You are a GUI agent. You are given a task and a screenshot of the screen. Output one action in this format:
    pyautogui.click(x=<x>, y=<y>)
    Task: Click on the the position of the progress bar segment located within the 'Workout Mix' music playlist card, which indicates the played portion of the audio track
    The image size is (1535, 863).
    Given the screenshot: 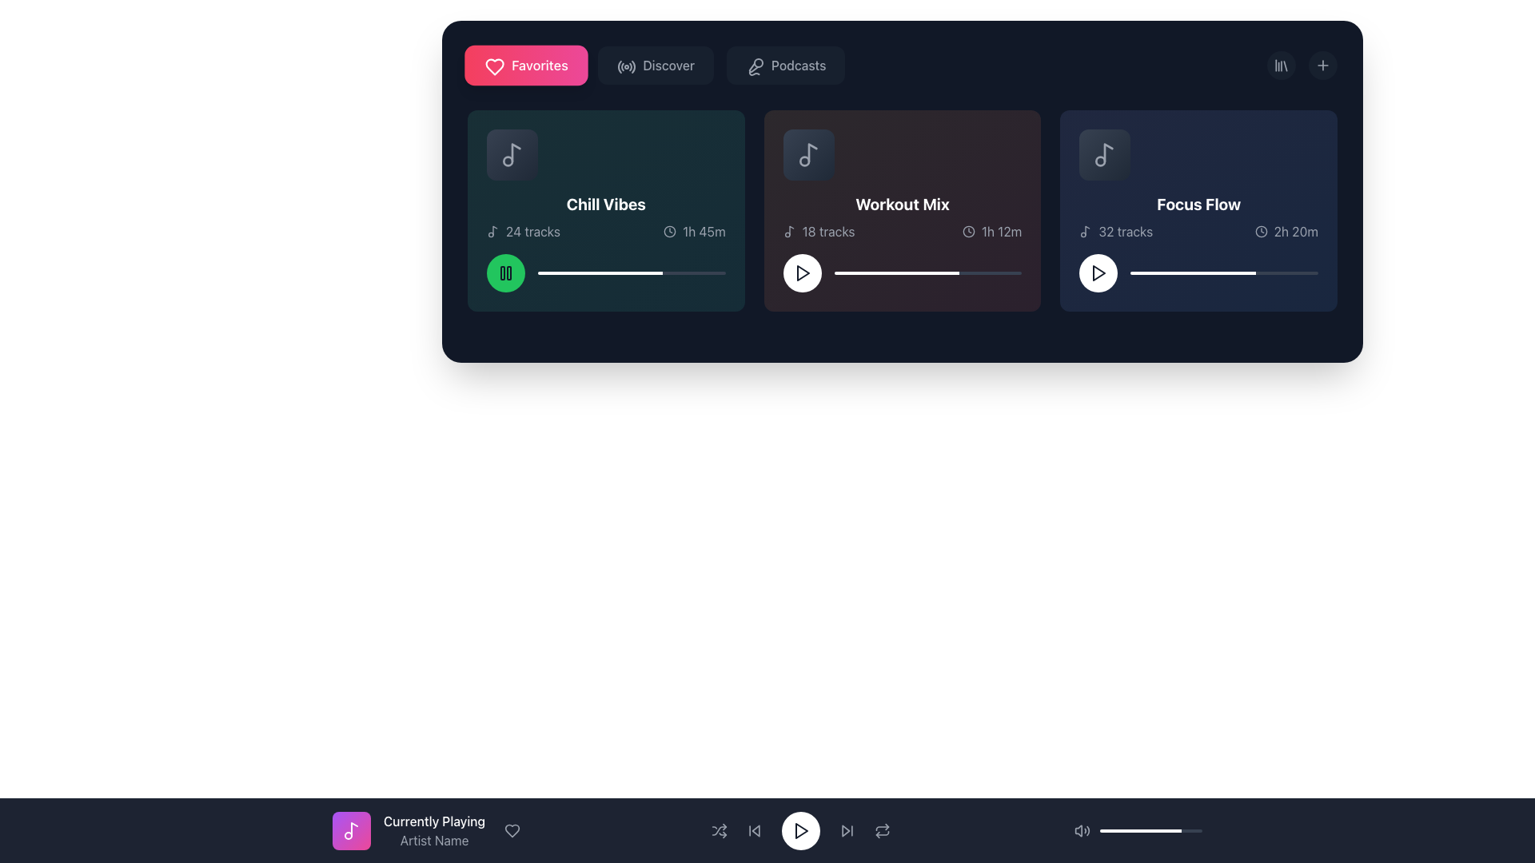 What is the action you would take?
    pyautogui.click(x=896, y=272)
    